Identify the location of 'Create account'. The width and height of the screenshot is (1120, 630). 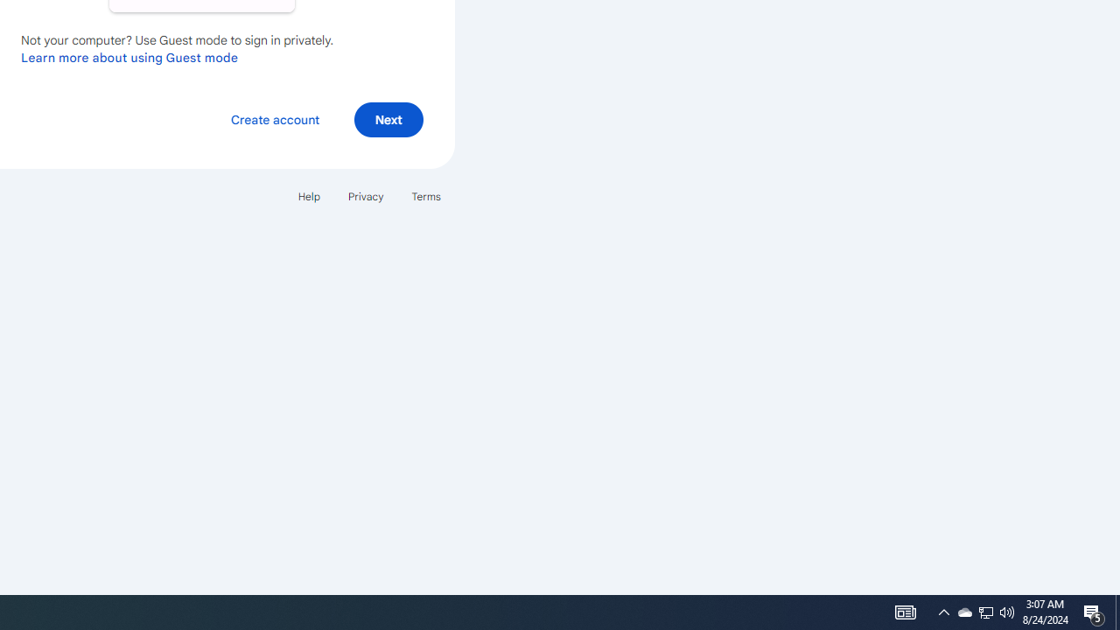
(274, 118).